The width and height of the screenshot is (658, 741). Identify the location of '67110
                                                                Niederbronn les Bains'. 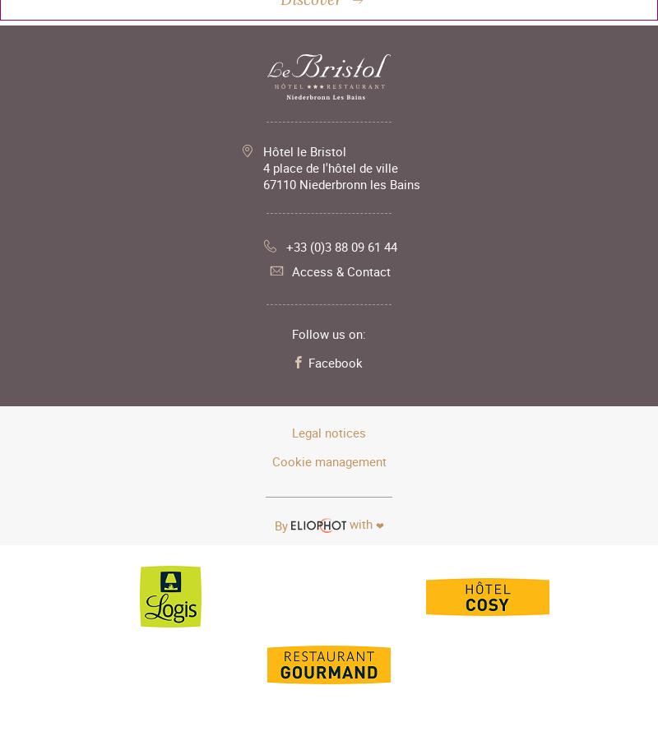
(261, 182).